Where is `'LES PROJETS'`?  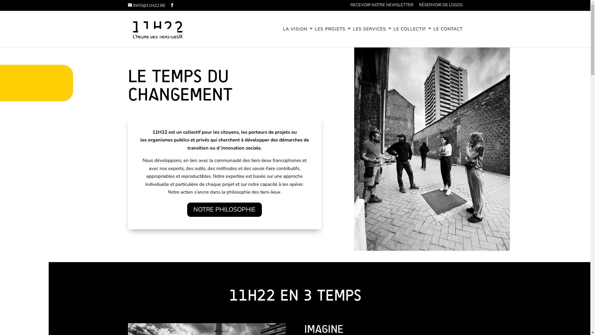
'LES PROJETS' is located at coordinates (333, 37).